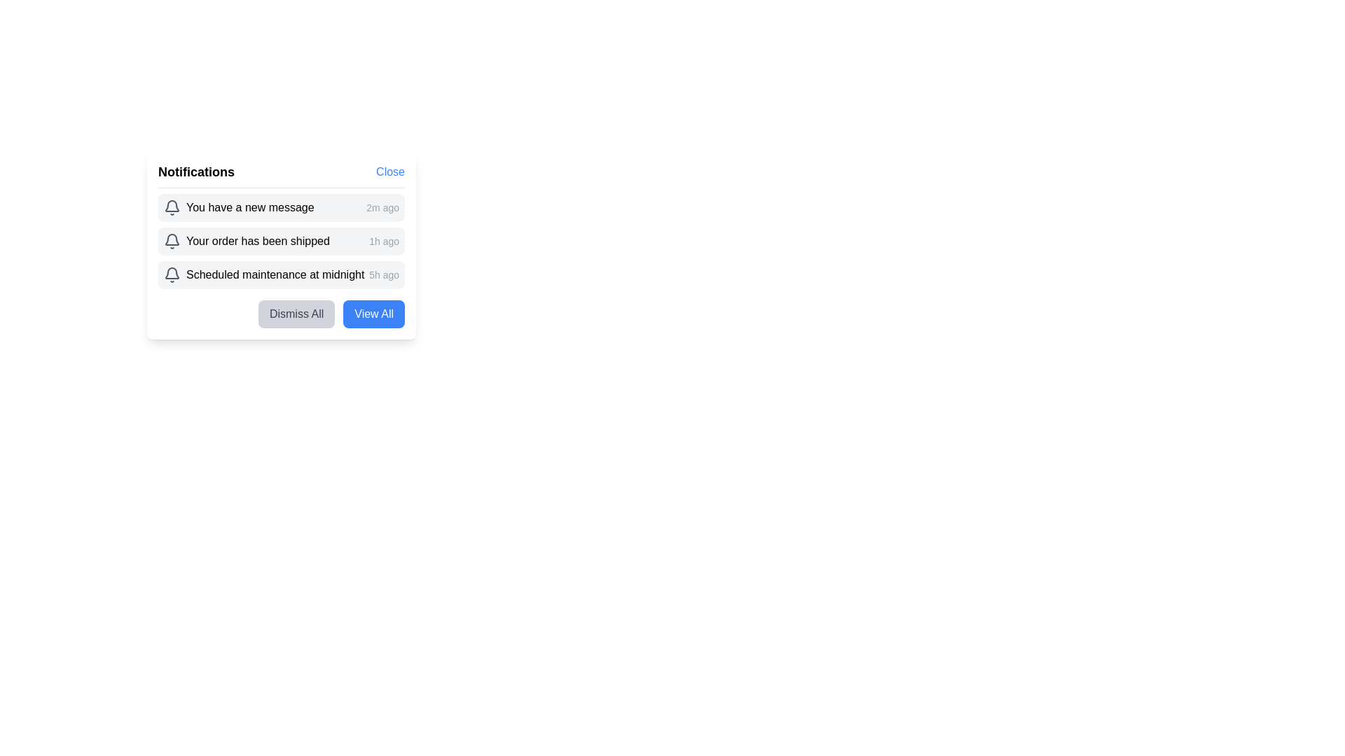 The height and width of the screenshot is (756, 1345). I want to click on the 'Close' hyperlink styled as a button located in the upper right corner of the notification panel, so click(390, 171).